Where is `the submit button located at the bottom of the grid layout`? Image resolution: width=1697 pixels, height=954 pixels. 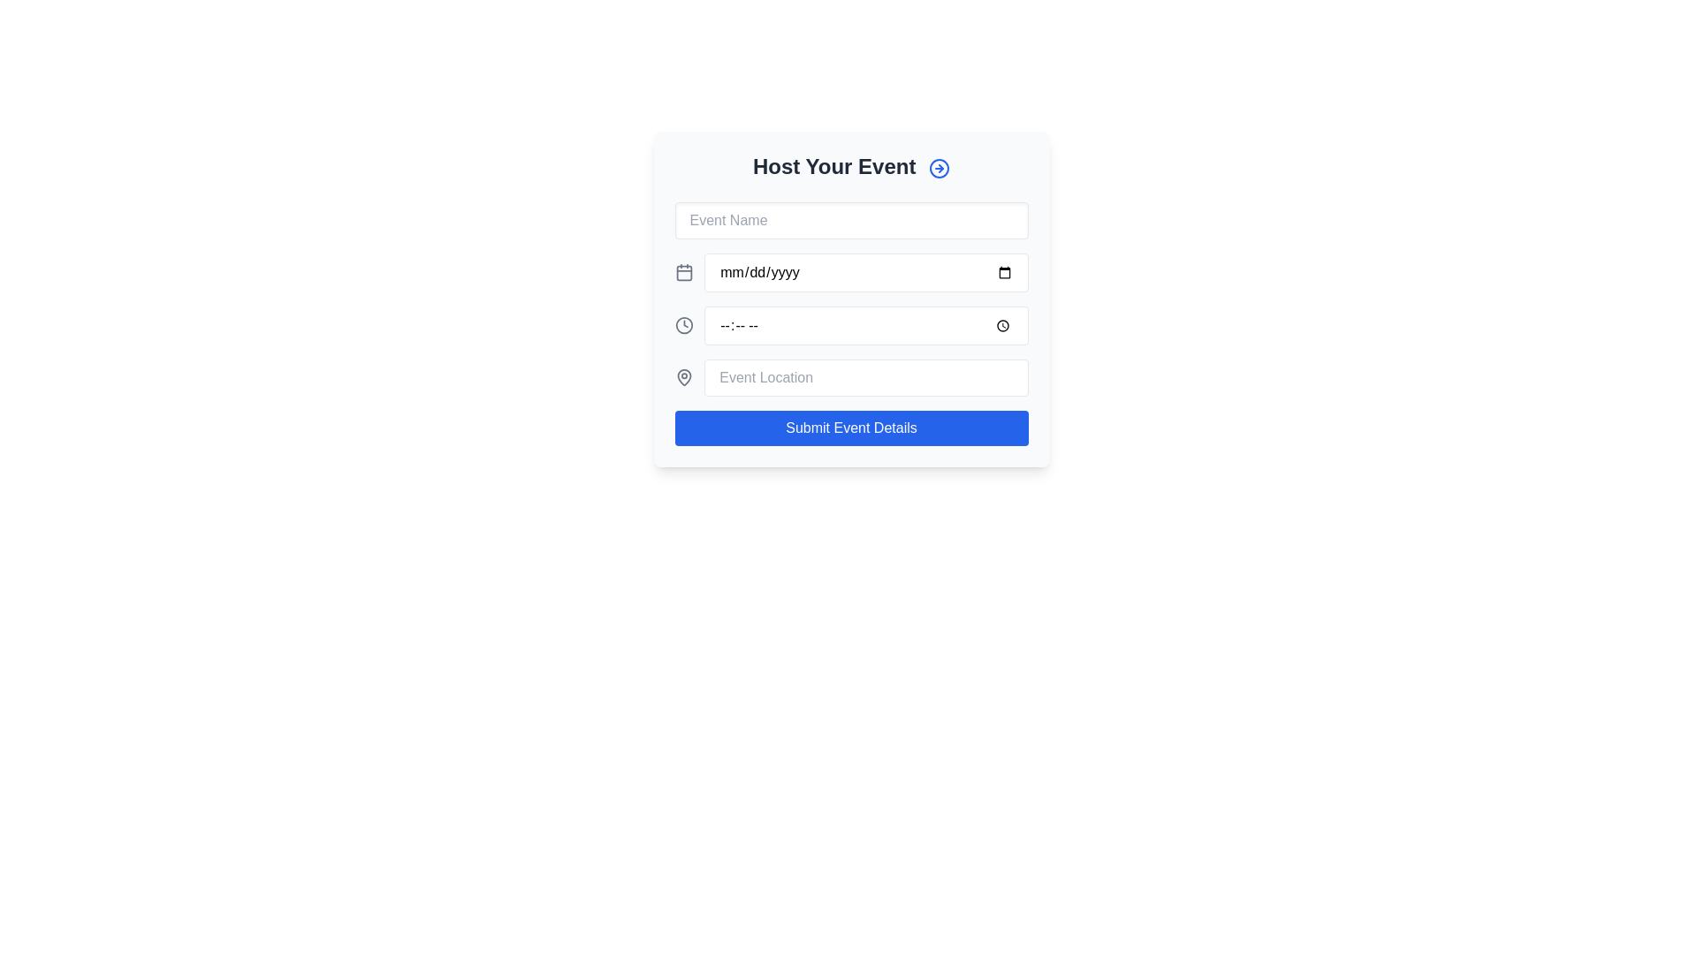 the submit button located at the bottom of the grid layout is located at coordinates (851, 428).